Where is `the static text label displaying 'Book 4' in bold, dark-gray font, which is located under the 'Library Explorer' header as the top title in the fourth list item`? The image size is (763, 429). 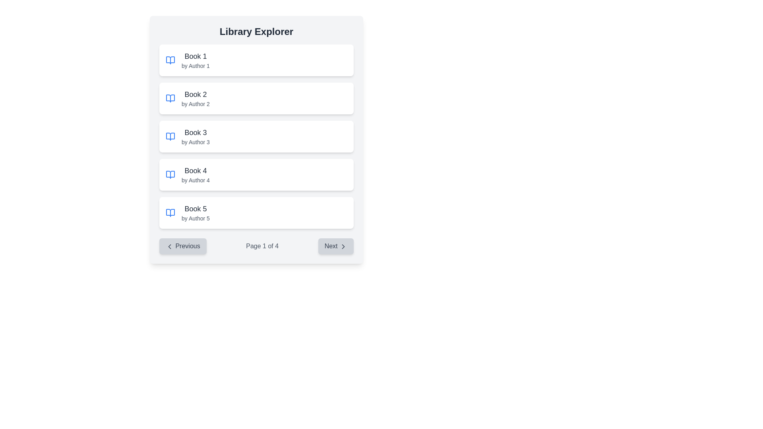 the static text label displaying 'Book 4' in bold, dark-gray font, which is located under the 'Library Explorer' header as the top title in the fourth list item is located at coordinates (196, 170).